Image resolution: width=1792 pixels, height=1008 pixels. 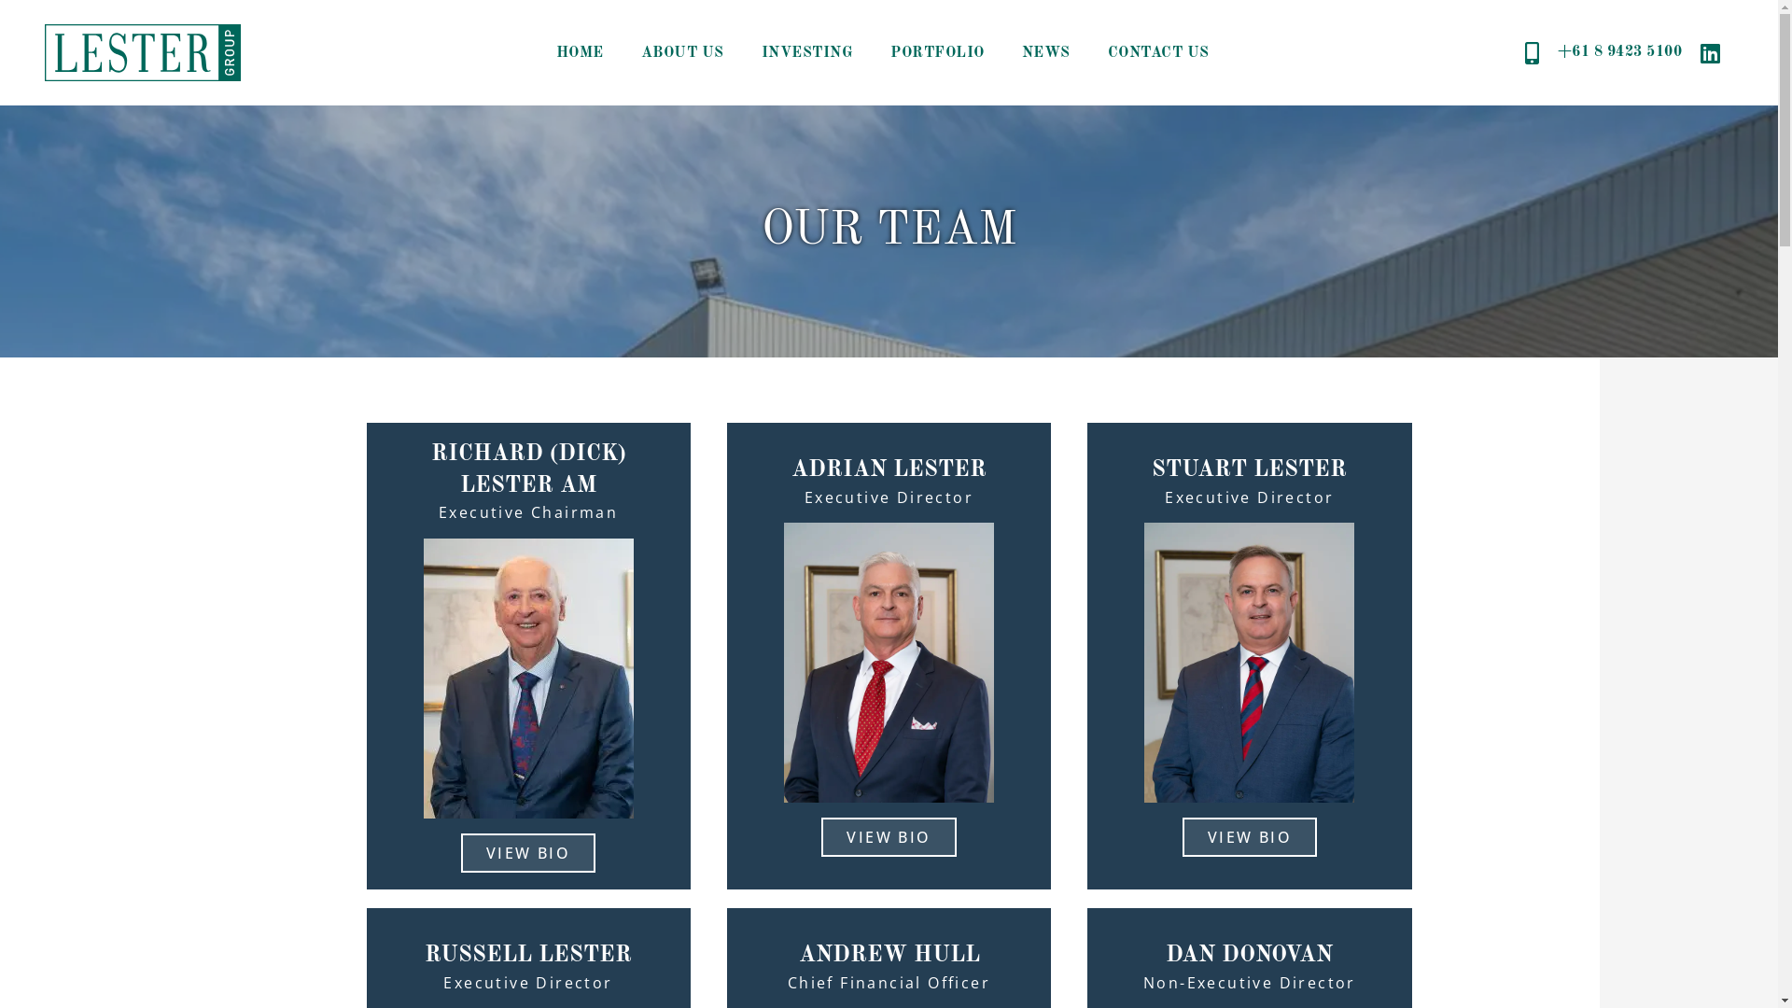 What do you see at coordinates (807, 52) in the screenshot?
I see `'INVESTING'` at bounding box center [807, 52].